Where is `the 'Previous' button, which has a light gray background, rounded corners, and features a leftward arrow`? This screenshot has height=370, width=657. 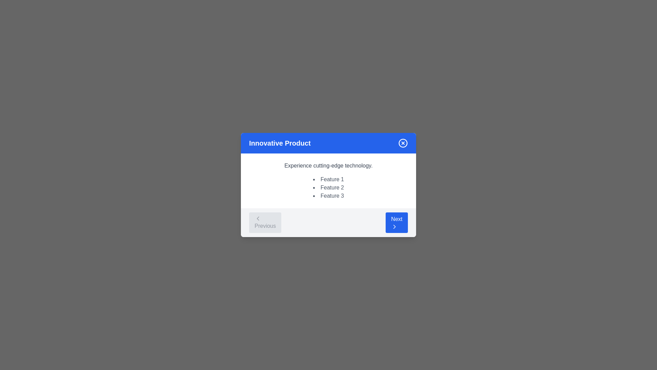
the 'Previous' button, which has a light gray background, rounded corners, and features a leftward arrow is located at coordinates (265, 223).